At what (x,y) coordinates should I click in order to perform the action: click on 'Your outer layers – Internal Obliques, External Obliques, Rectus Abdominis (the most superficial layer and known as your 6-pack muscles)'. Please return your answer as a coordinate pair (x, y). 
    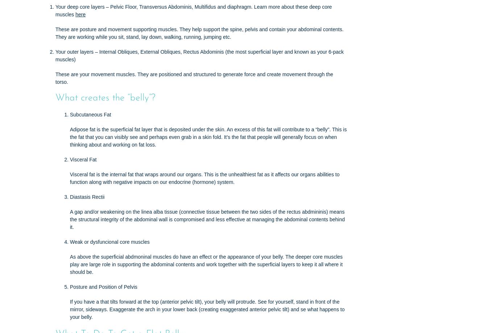
    Looking at the image, I should click on (199, 55).